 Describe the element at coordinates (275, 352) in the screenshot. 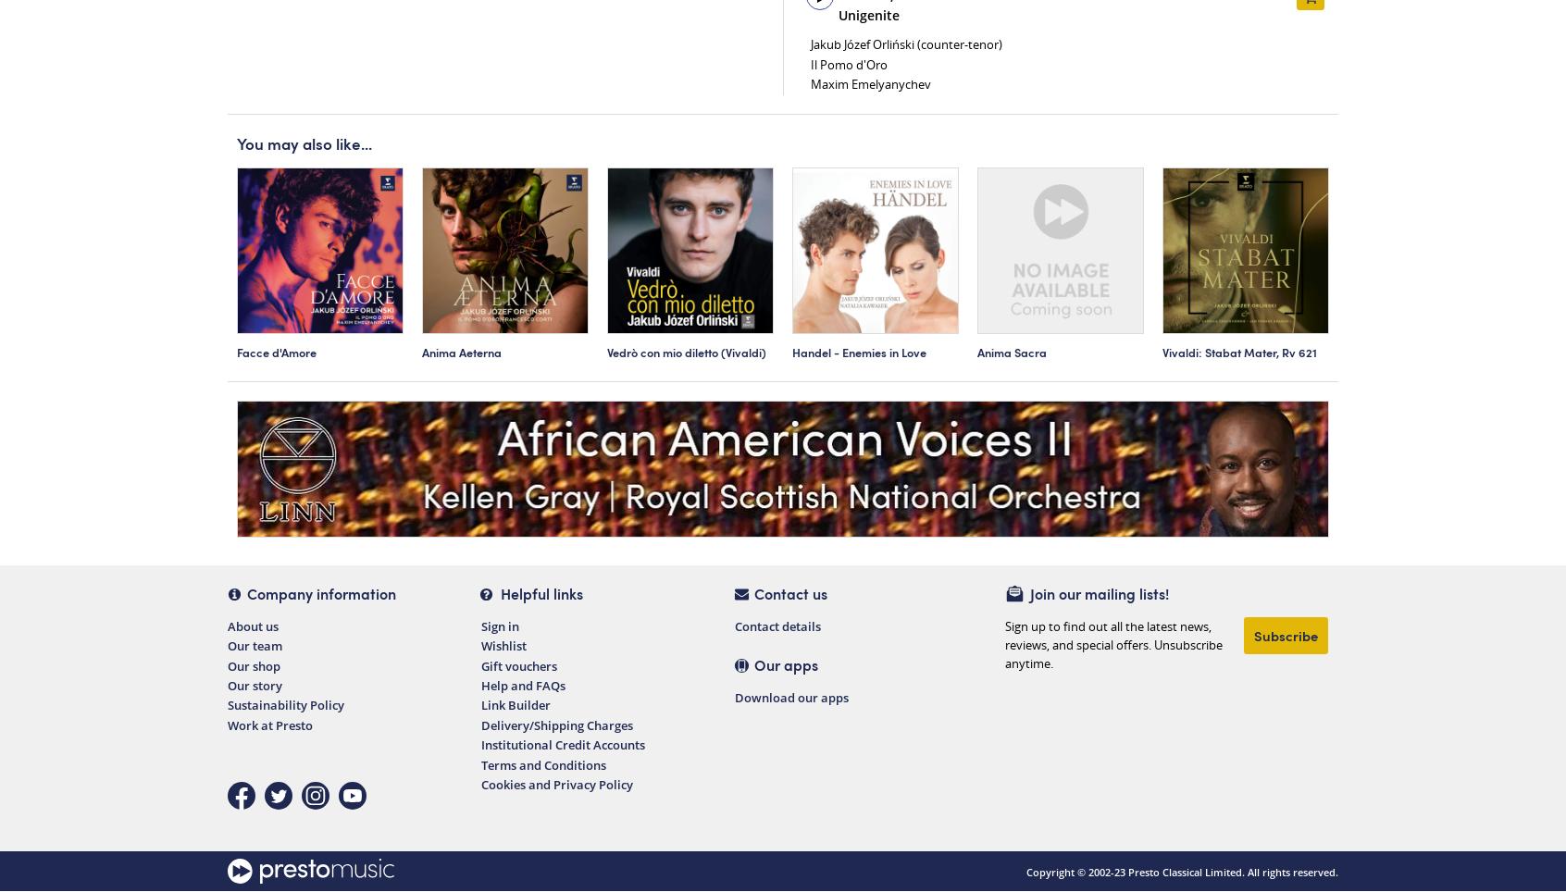

I see `'Facce d'Amore'` at that location.